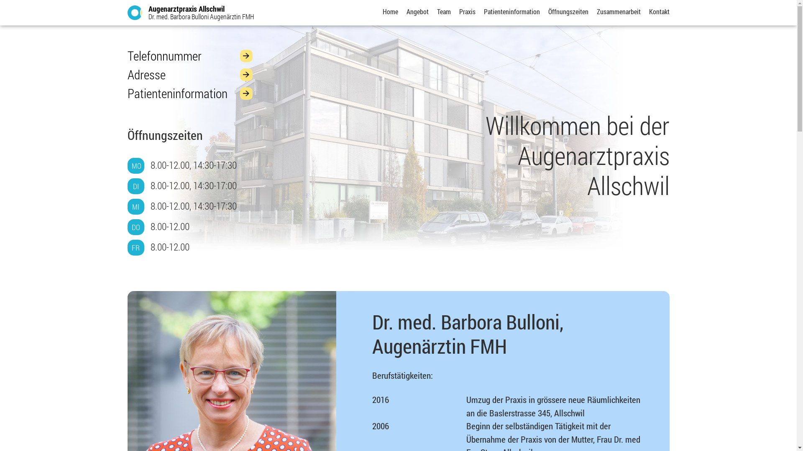 The width and height of the screenshot is (803, 451). Describe the element at coordinates (189, 74) in the screenshot. I see `'Adresse'` at that location.